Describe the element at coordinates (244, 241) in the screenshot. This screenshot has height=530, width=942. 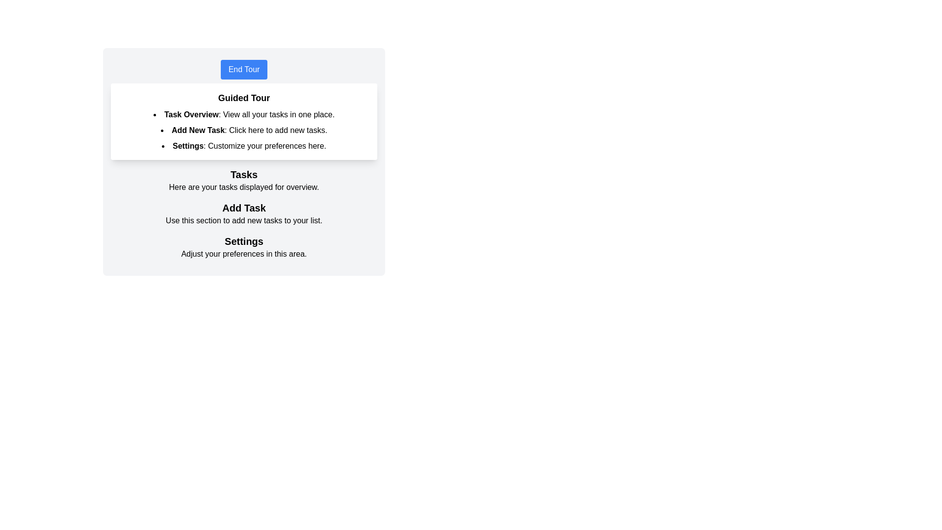
I see `the header label indicating 'Settings', which serves as the section title for user preferences` at that location.